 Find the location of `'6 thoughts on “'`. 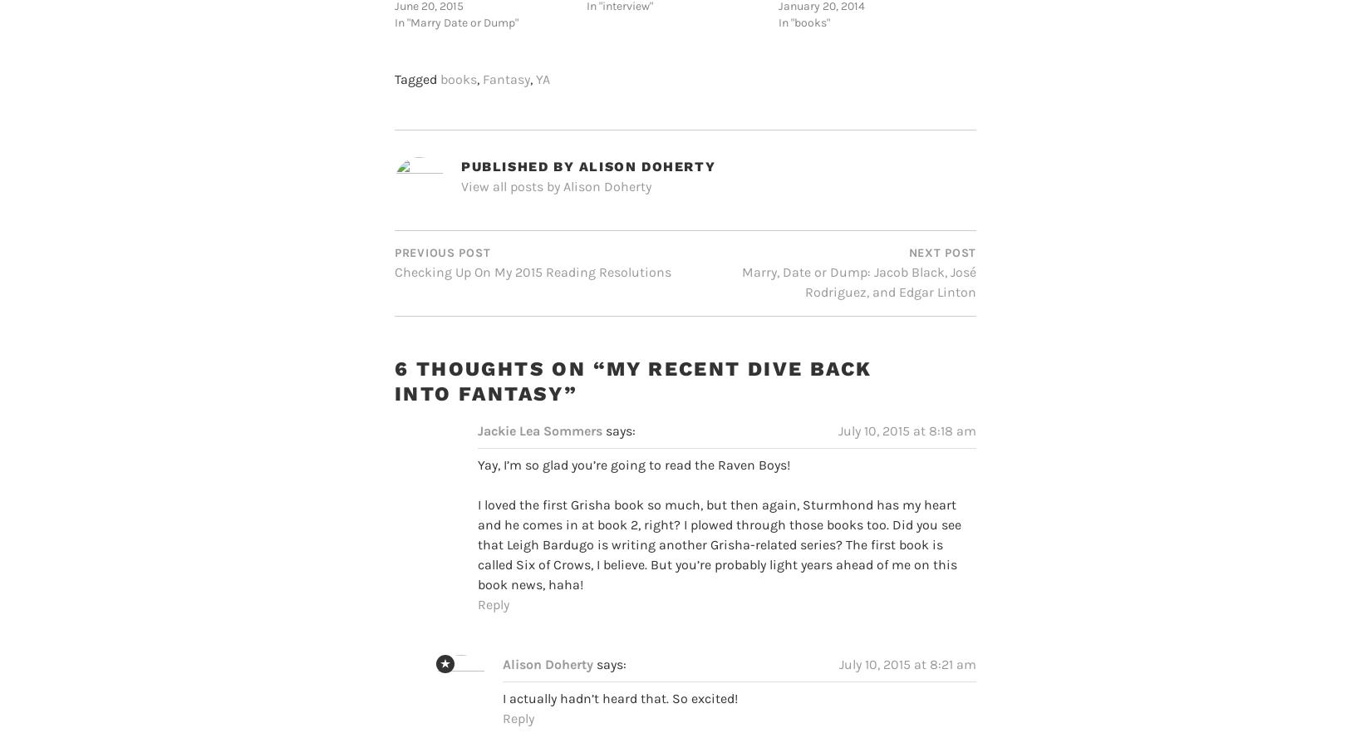

'6 thoughts on “' is located at coordinates (394, 336).